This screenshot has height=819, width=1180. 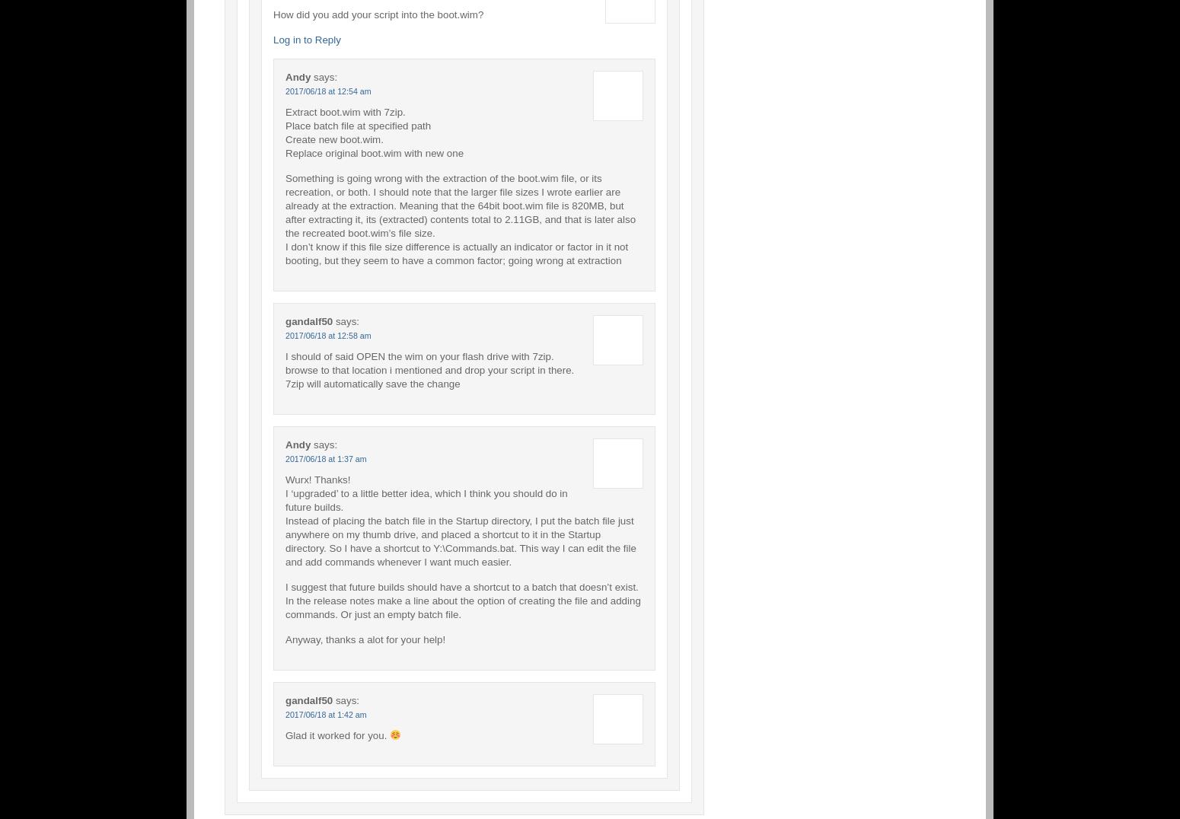 What do you see at coordinates (325, 712) in the screenshot?
I see `'2017/06/18 at 1:42 am'` at bounding box center [325, 712].